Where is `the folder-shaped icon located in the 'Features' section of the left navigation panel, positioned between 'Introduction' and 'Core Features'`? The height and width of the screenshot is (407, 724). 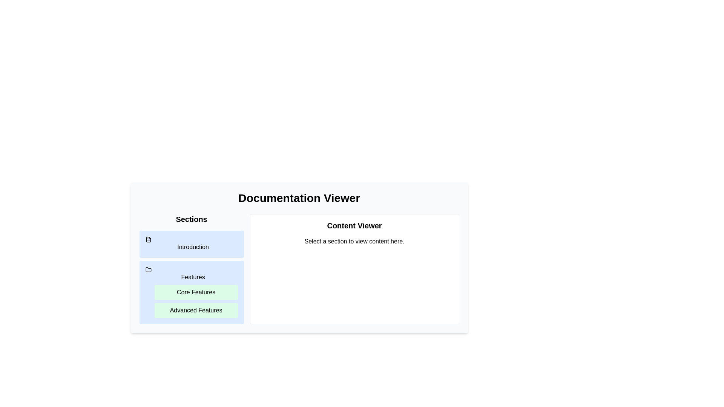
the folder-shaped icon located in the 'Features' section of the left navigation panel, positioned between 'Introduction' and 'Core Features' is located at coordinates (148, 269).